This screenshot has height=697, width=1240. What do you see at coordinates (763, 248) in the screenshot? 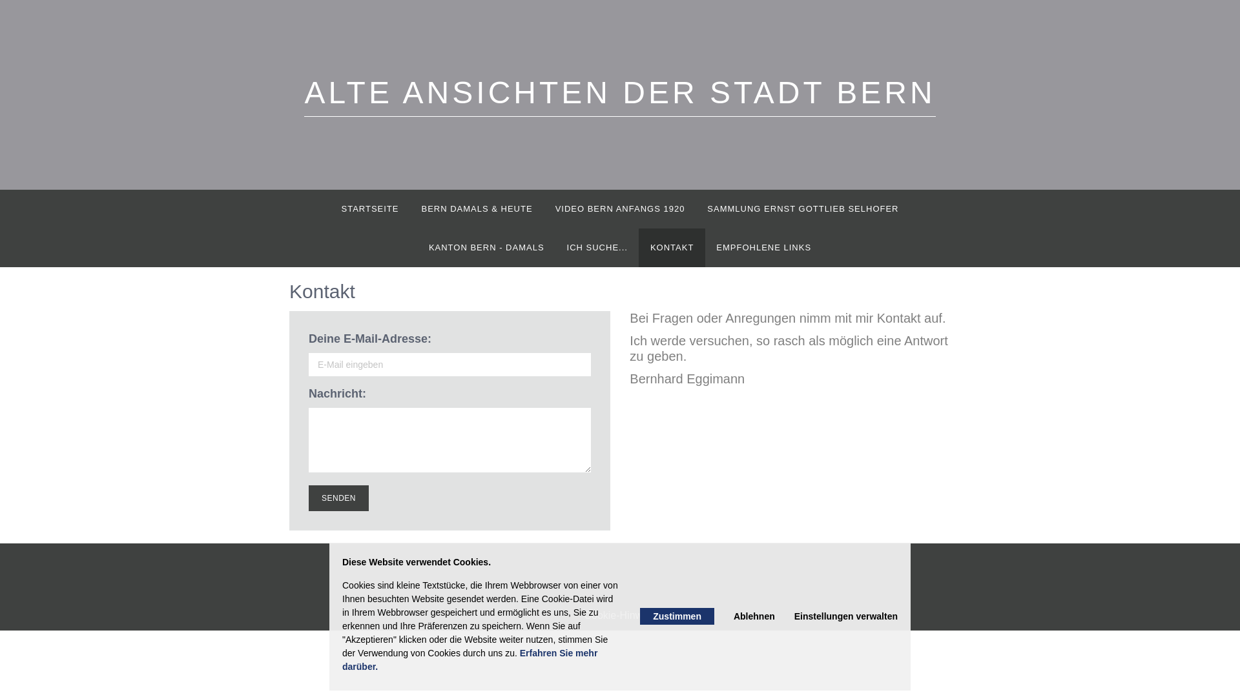
I see `'EMPFOHLENE LINKS'` at bounding box center [763, 248].